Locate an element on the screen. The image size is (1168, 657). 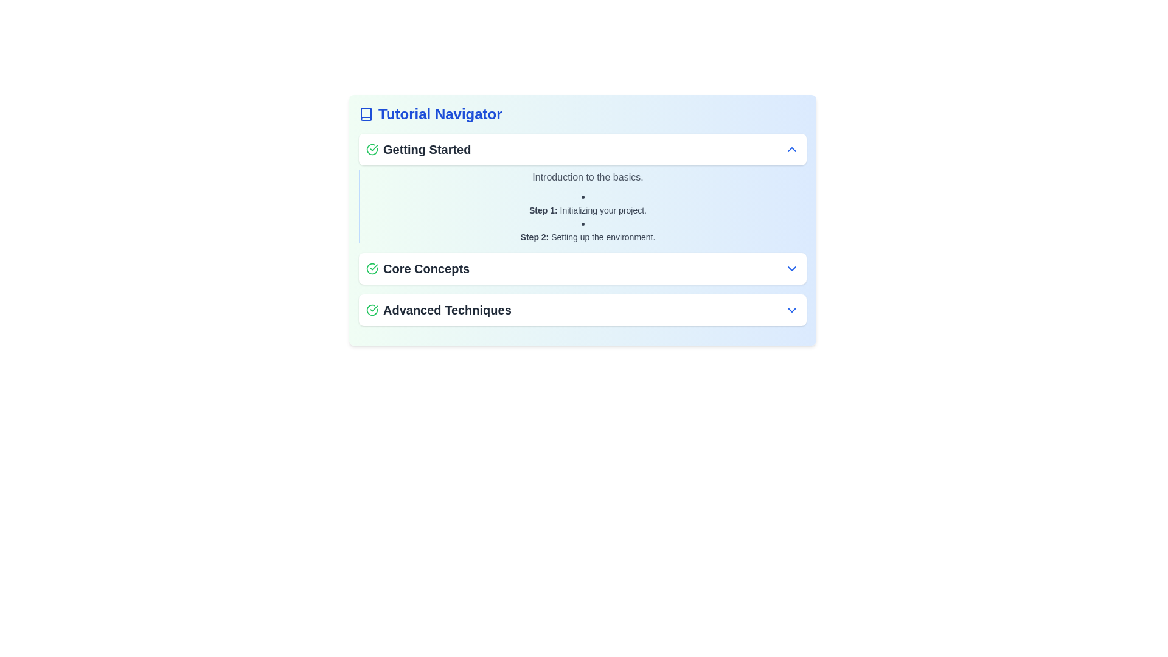
heading labeled 'Core Concepts' which is styled in bold and larger font, located centrally with a green checkmark icon on its left is located at coordinates (418, 268).